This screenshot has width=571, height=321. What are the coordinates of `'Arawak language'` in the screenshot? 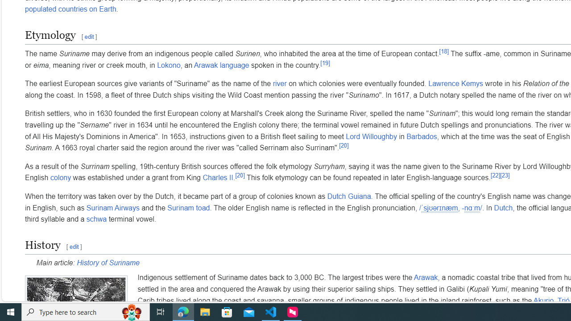 It's located at (221, 64).